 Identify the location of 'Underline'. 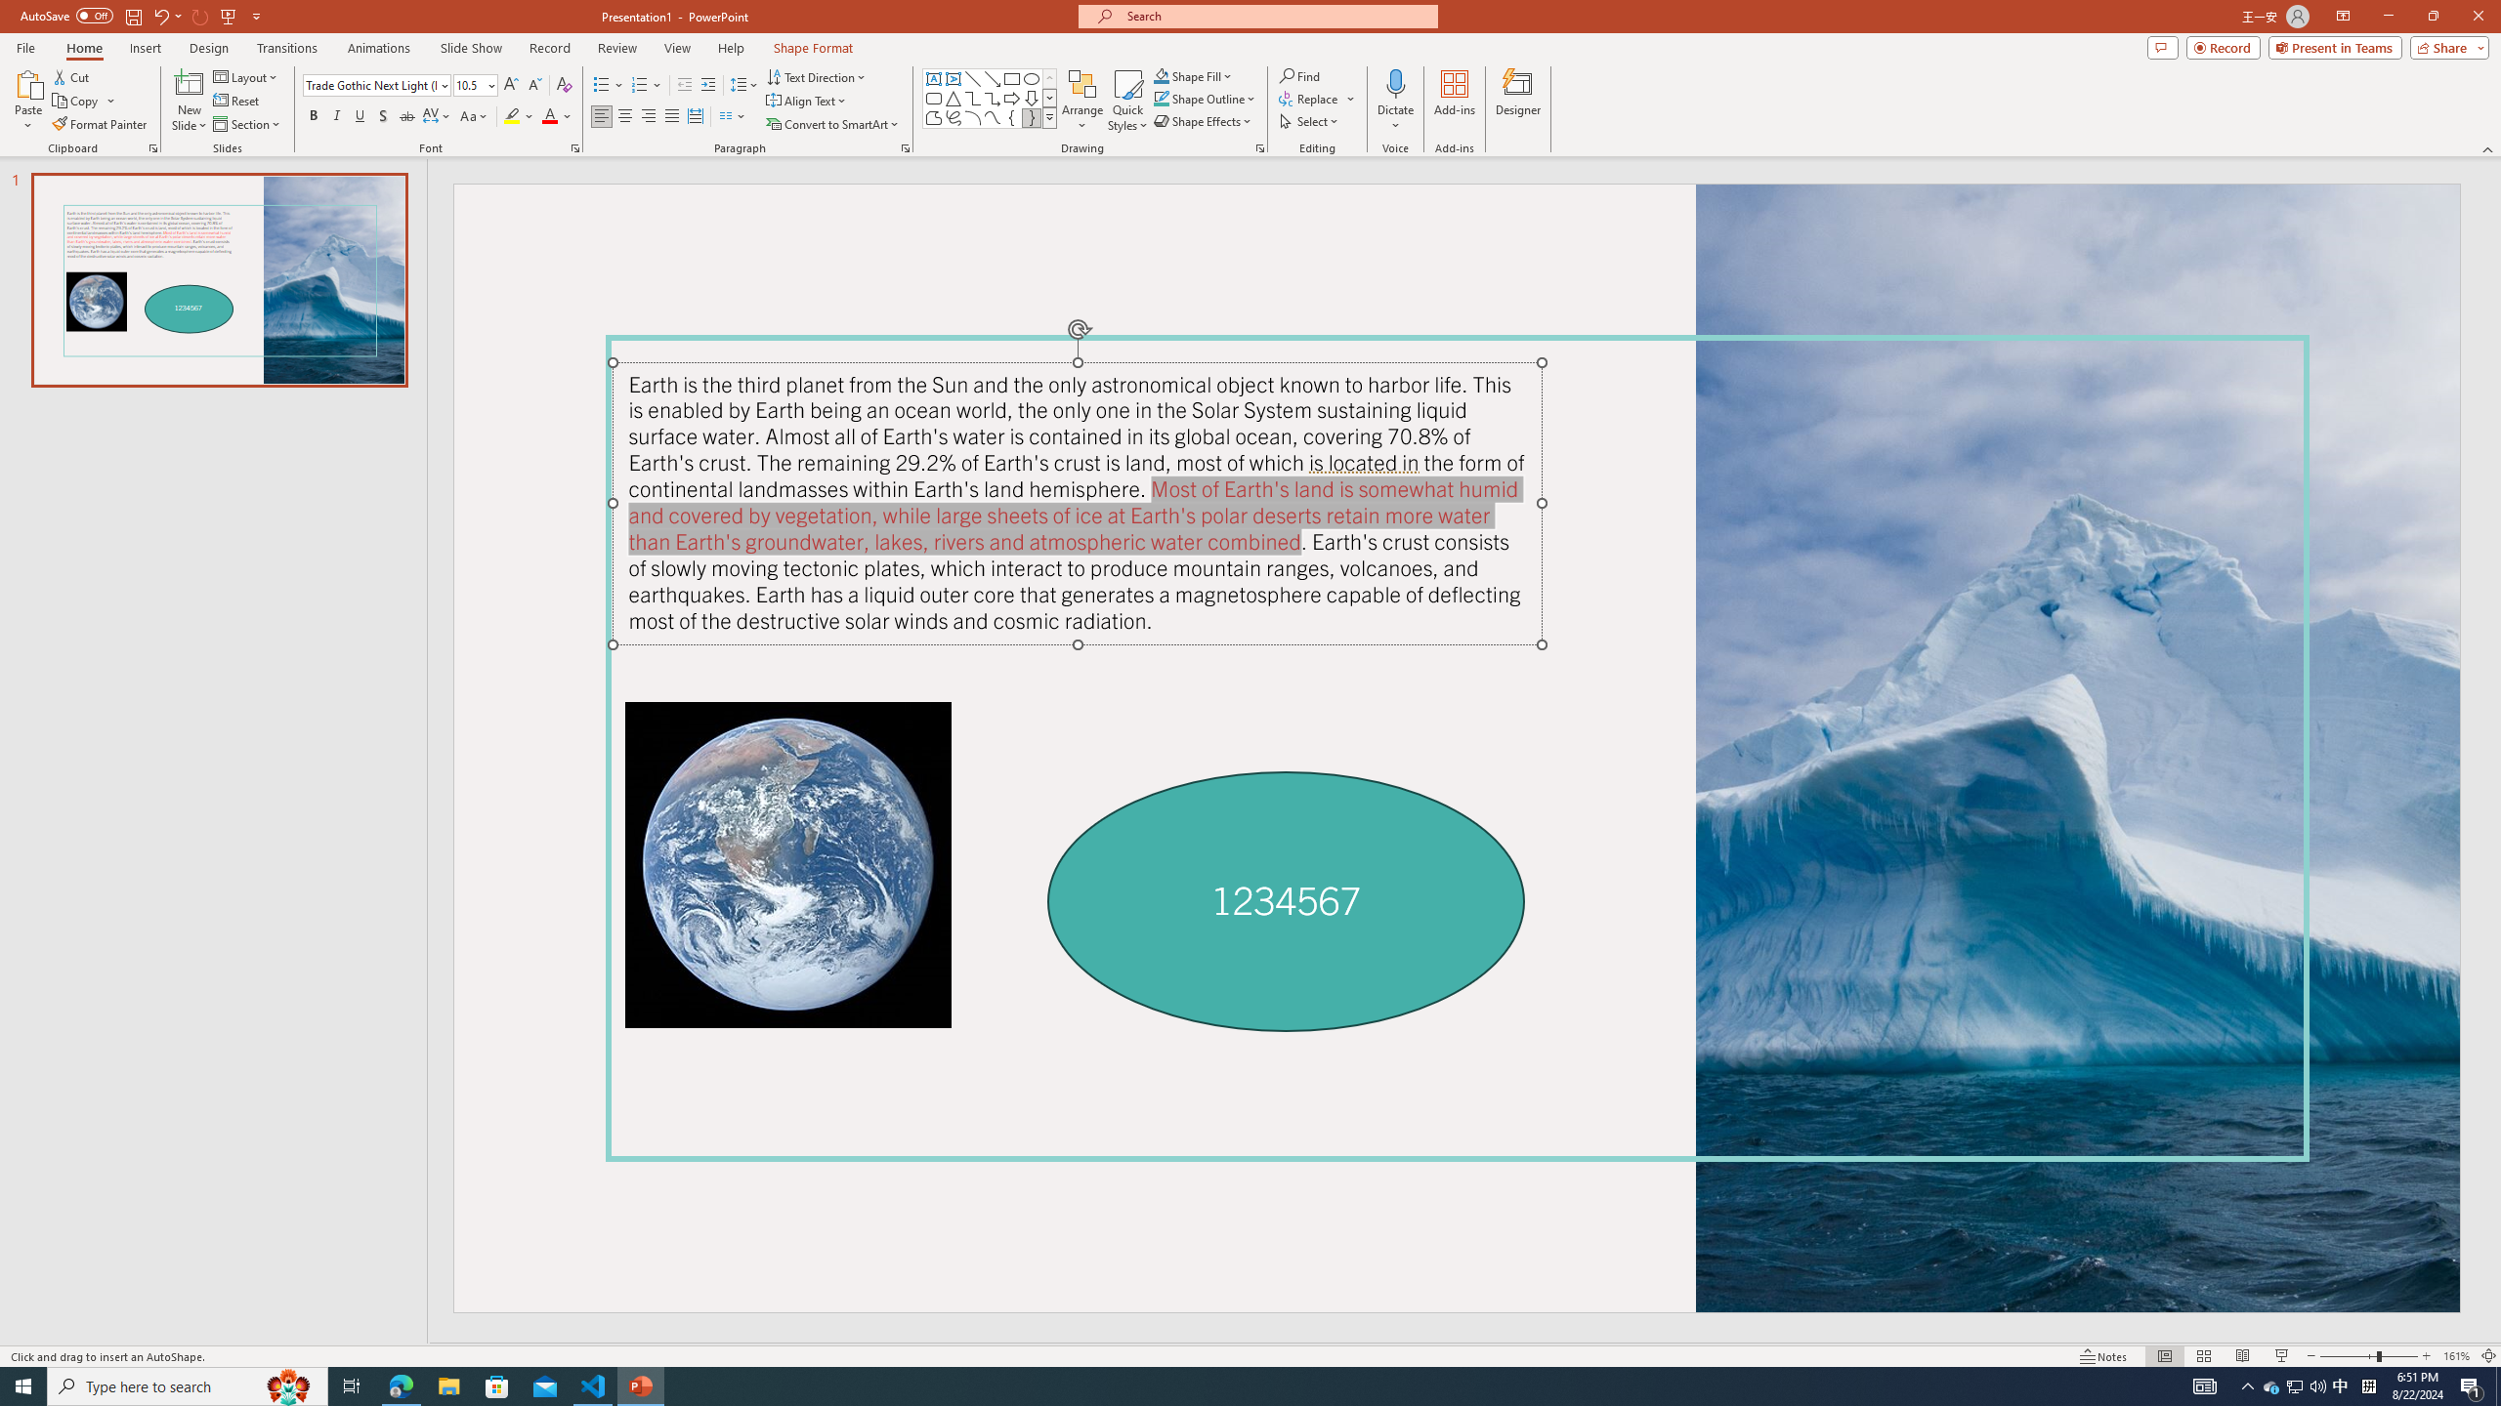
(359, 115).